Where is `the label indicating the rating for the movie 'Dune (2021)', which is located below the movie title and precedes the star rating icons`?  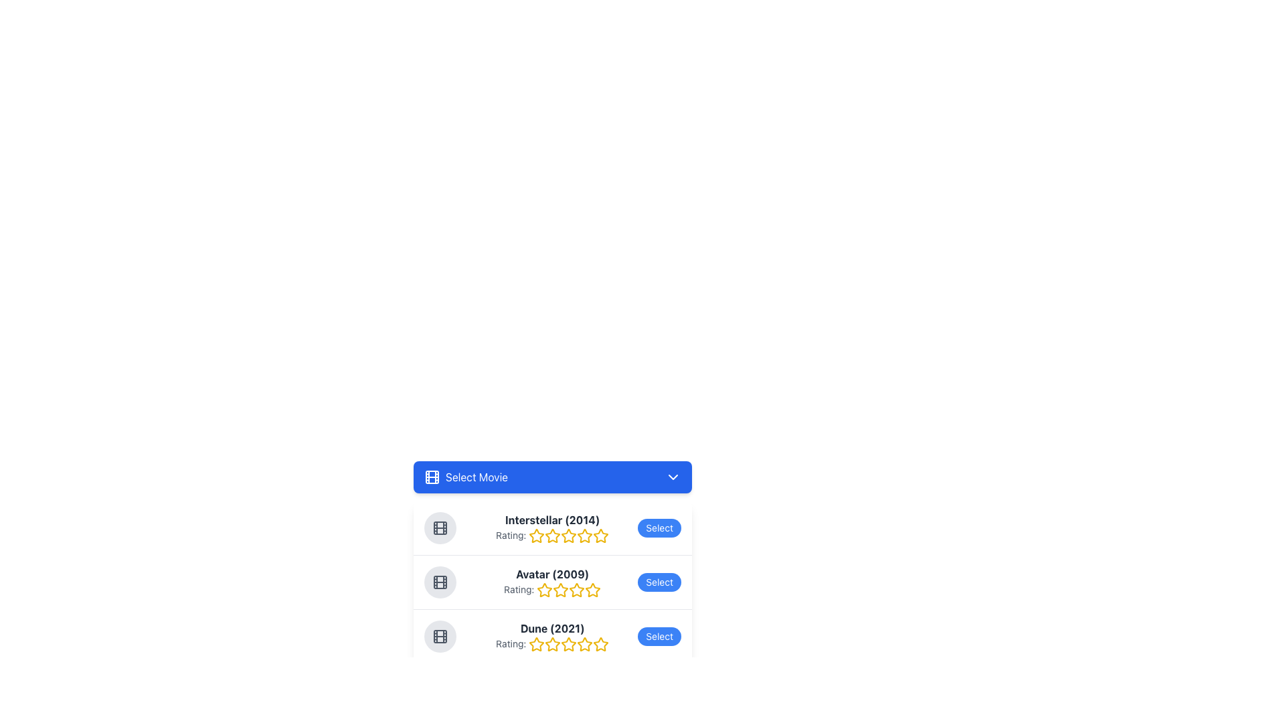
the label indicating the rating for the movie 'Dune (2021)', which is located below the movie title and precedes the star rating icons is located at coordinates (552, 644).